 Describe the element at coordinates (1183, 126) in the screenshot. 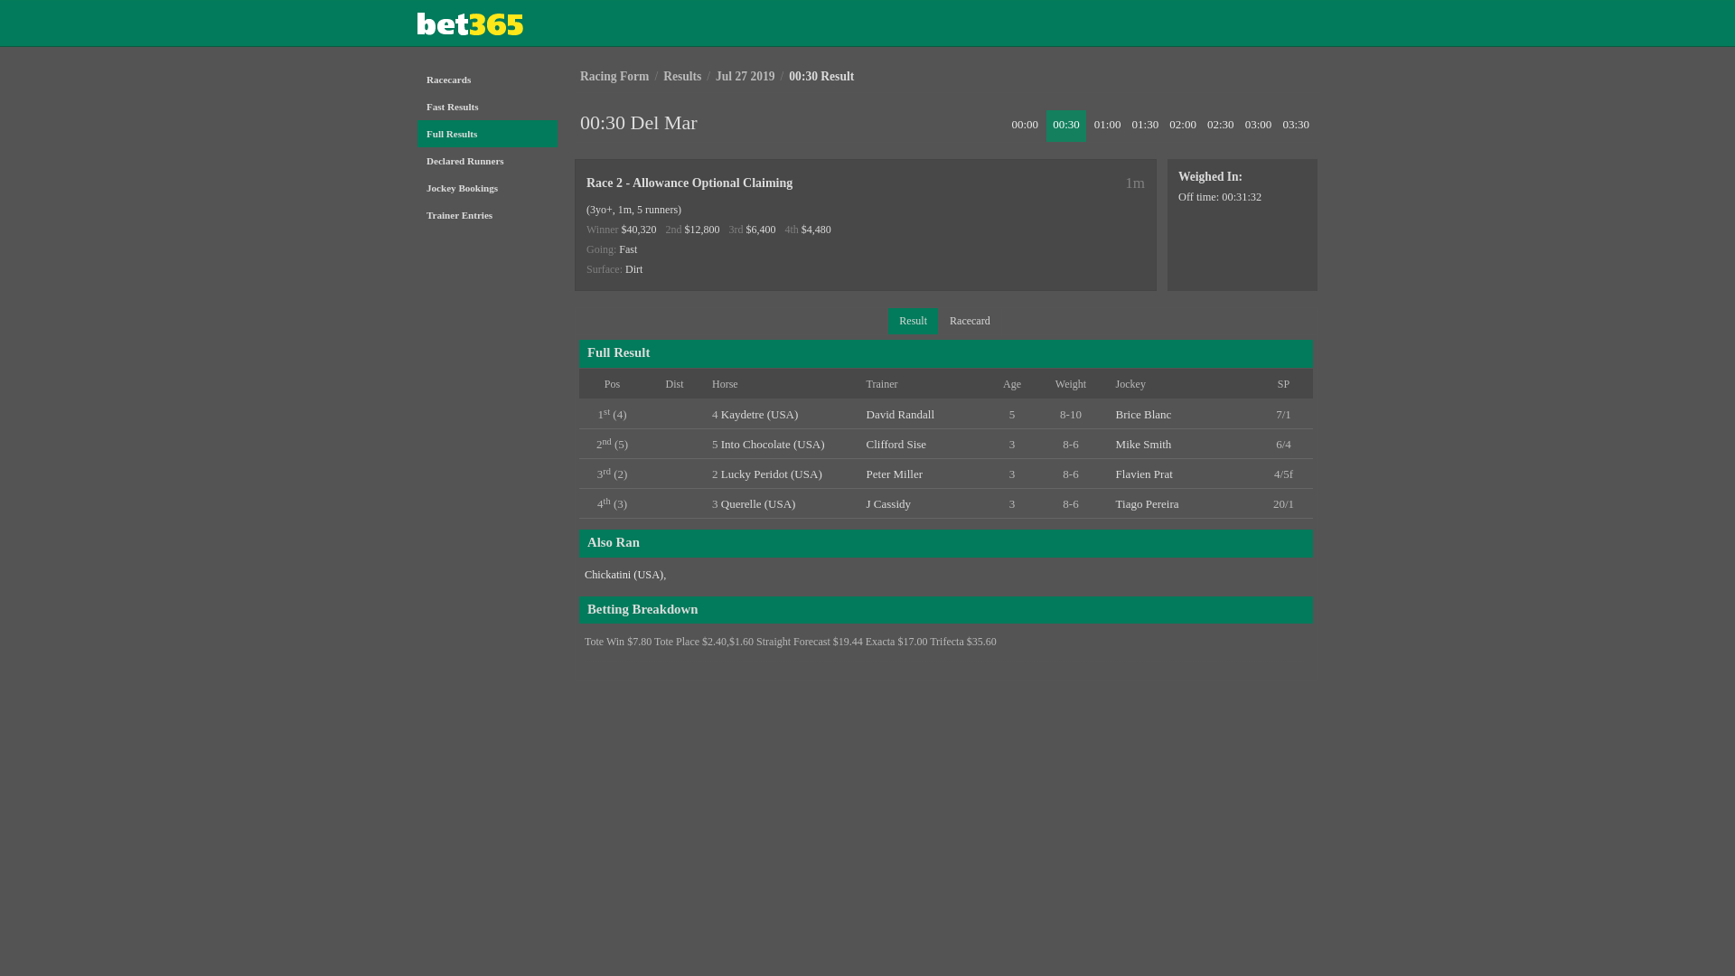

I see `'02:00'` at that location.